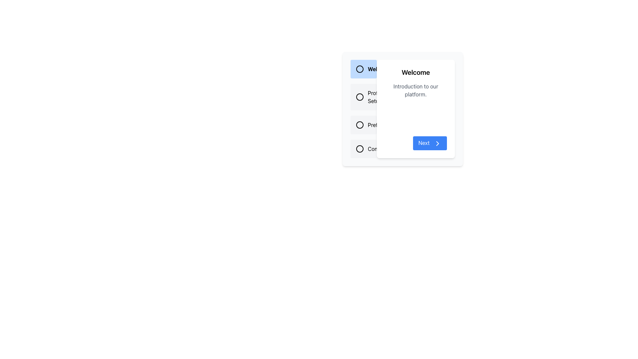  What do you see at coordinates (360, 97) in the screenshot?
I see `the circular visual marker (radio button indicator) in the second row labeled 'Product Setup'` at bounding box center [360, 97].